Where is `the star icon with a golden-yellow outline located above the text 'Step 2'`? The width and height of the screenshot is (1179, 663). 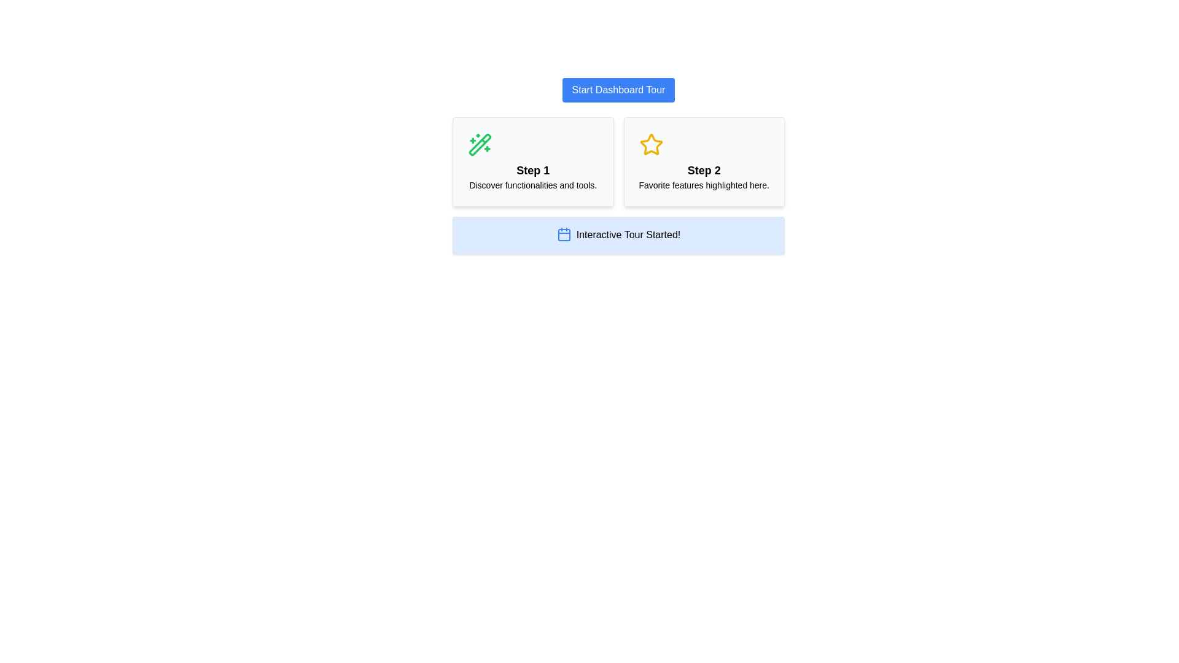
the star icon with a golden-yellow outline located above the text 'Step 2' is located at coordinates (650, 144).